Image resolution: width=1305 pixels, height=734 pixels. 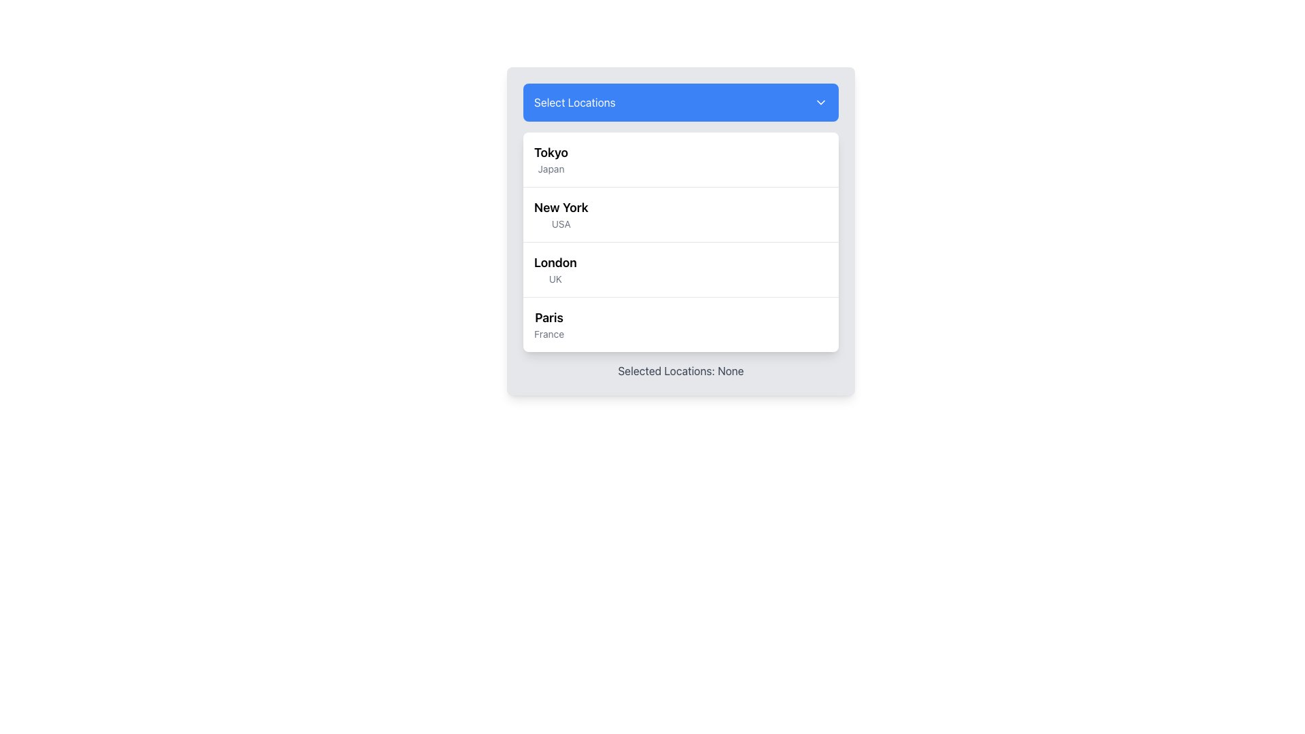 What do you see at coordinates (681, 101) in the screenshot?
I see `the Dropdown Toggle Button located at the top of the card-like structure` at bounding box center [681, 101].